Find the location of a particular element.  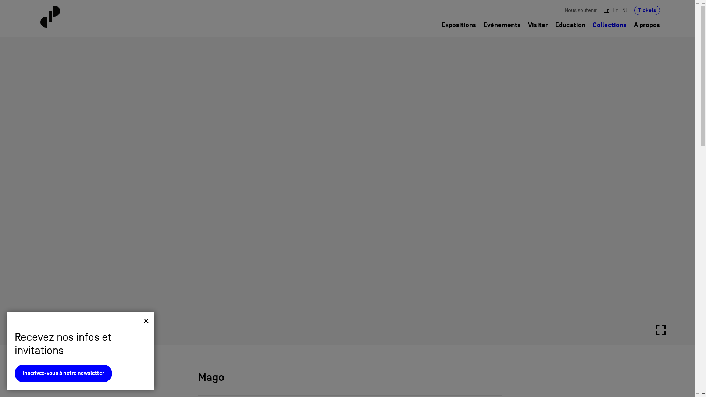

'Visiter' is located at coordinates (527, 25).